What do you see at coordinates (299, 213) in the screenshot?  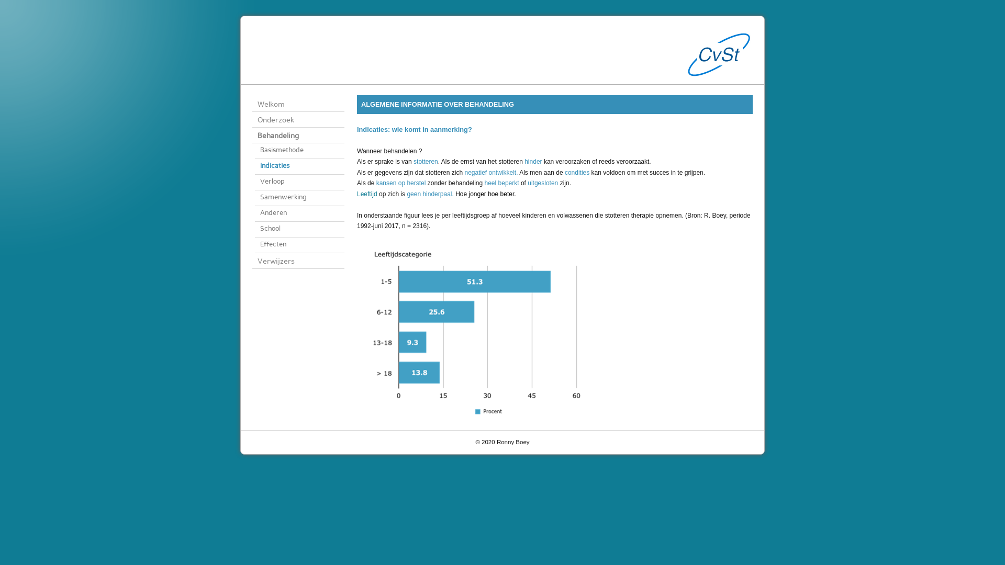 I see `'Anderen'` at bounding box center [299, 213].